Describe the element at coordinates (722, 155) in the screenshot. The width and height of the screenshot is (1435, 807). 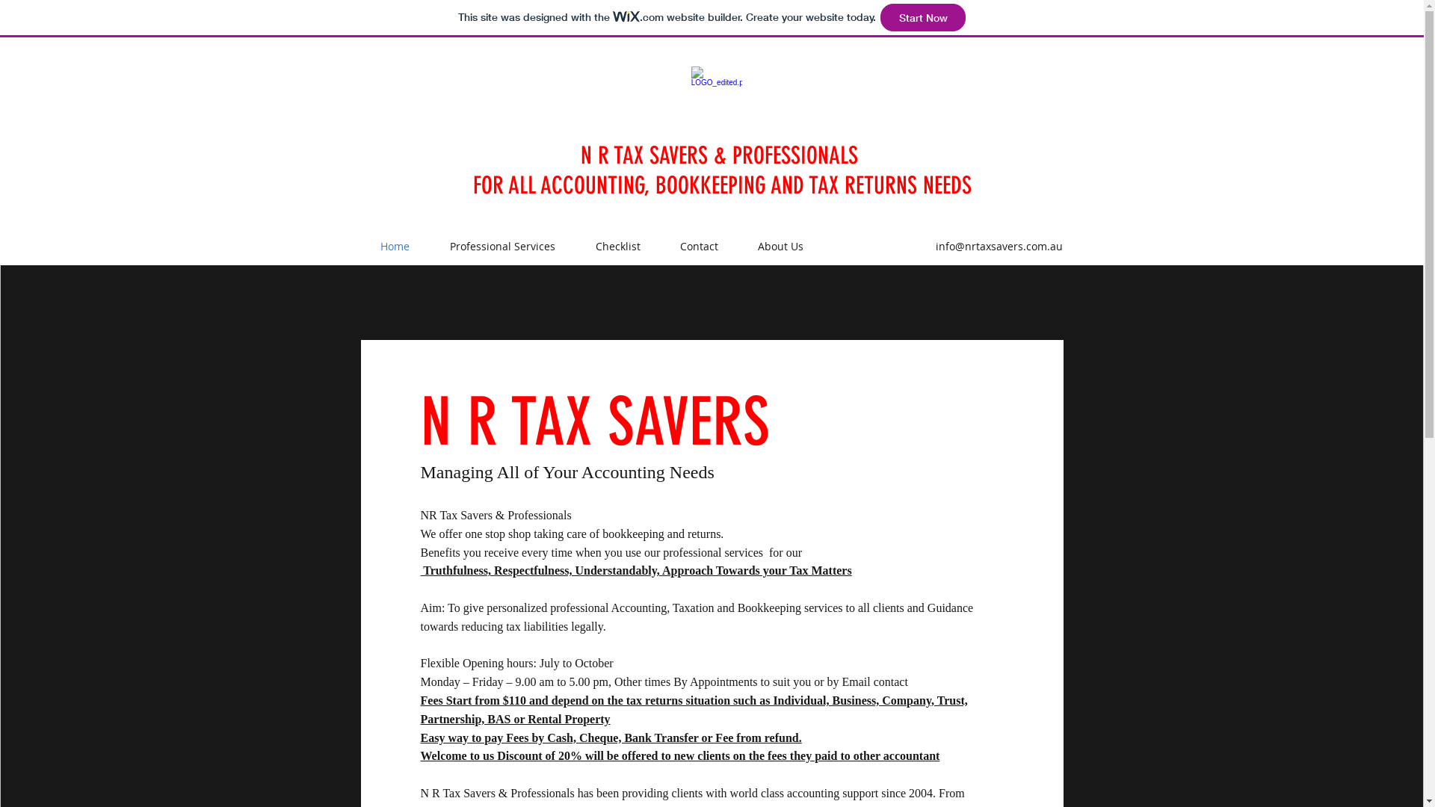
I see `'N R TAX SAVERS & PROFESSIONALS '` at that location.